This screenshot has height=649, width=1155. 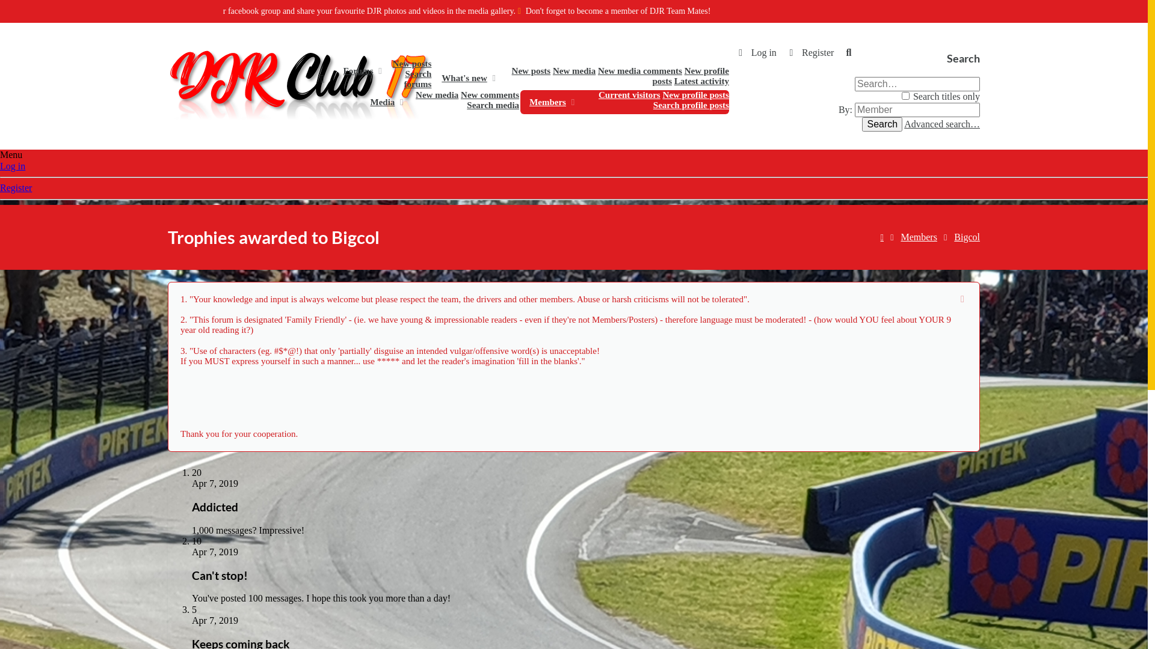 I want to click on 'New profile posts', so click(x=690, y=76).